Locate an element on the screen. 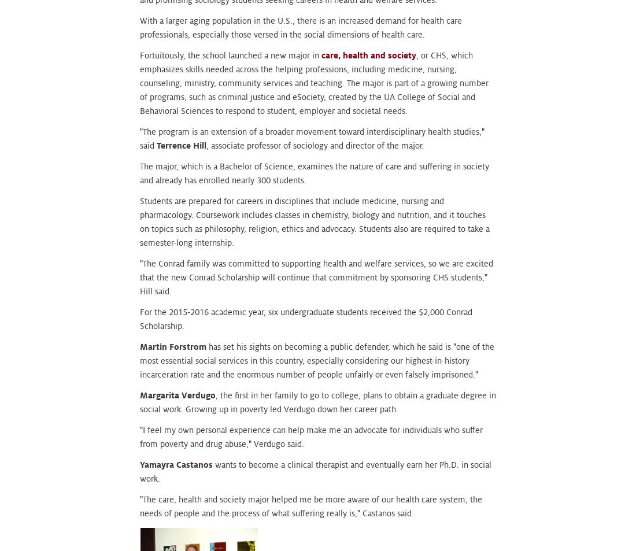 This screenshot has width=636, height=551. '"The care, health and society major helped me be more aware of our health care system, the needs of people and the process of what suffering really is," Castanos said.' is located at coordinates (311, 506).